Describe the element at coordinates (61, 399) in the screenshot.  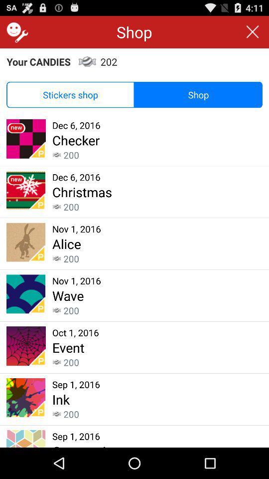
I see `the item above the 200 item` at that location.